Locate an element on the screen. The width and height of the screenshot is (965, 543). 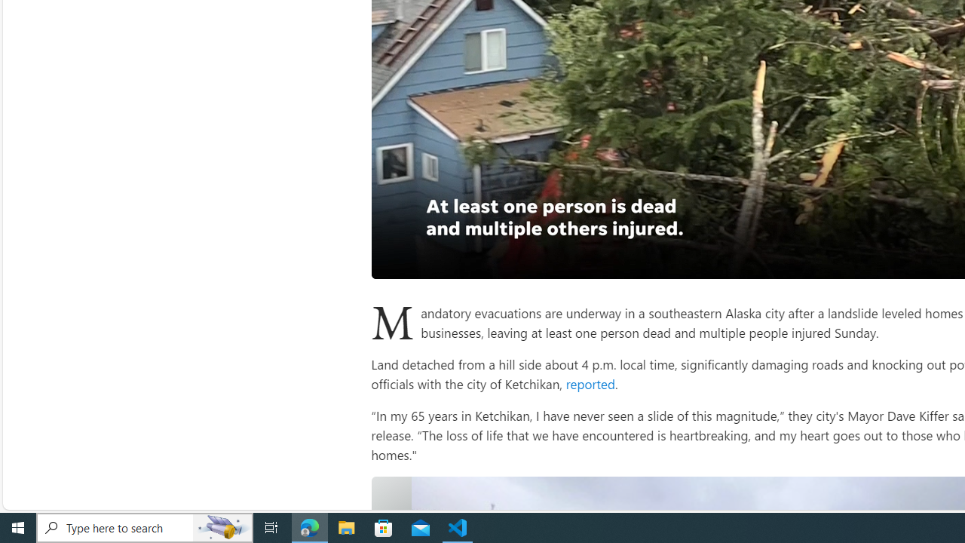
' reported' is located at coordinates (588, 382).